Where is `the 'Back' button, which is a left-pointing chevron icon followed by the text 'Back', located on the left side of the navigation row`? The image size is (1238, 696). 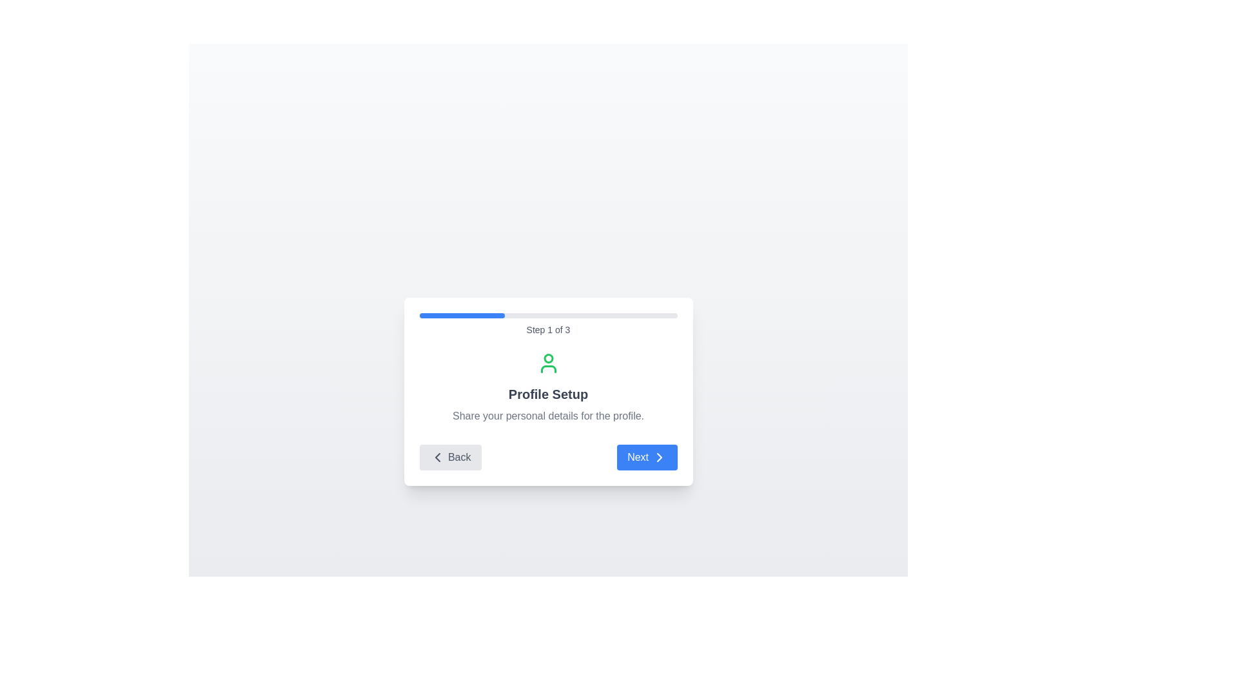 the 'Back' button, which is a left-pointing chevron icon followed by the text 'Back', located on the left side of the navigation row is located at coordinates (450, 456).